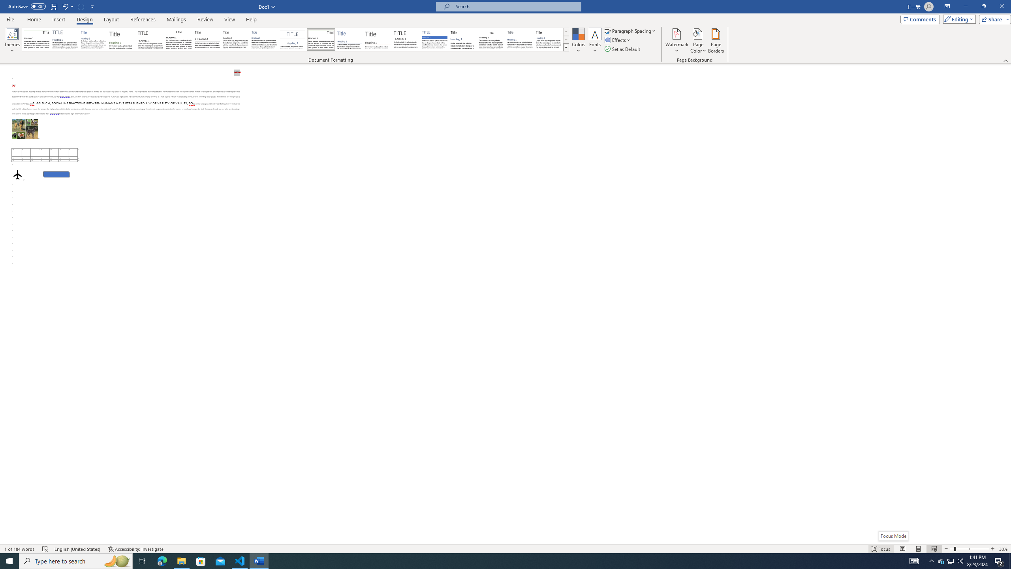 The height and width of the screenshot is (569, 1011). What do you see at coordinates (406, 39) in the screenshot?
I see `'Minimalist'` at bounding box center [406, 39].